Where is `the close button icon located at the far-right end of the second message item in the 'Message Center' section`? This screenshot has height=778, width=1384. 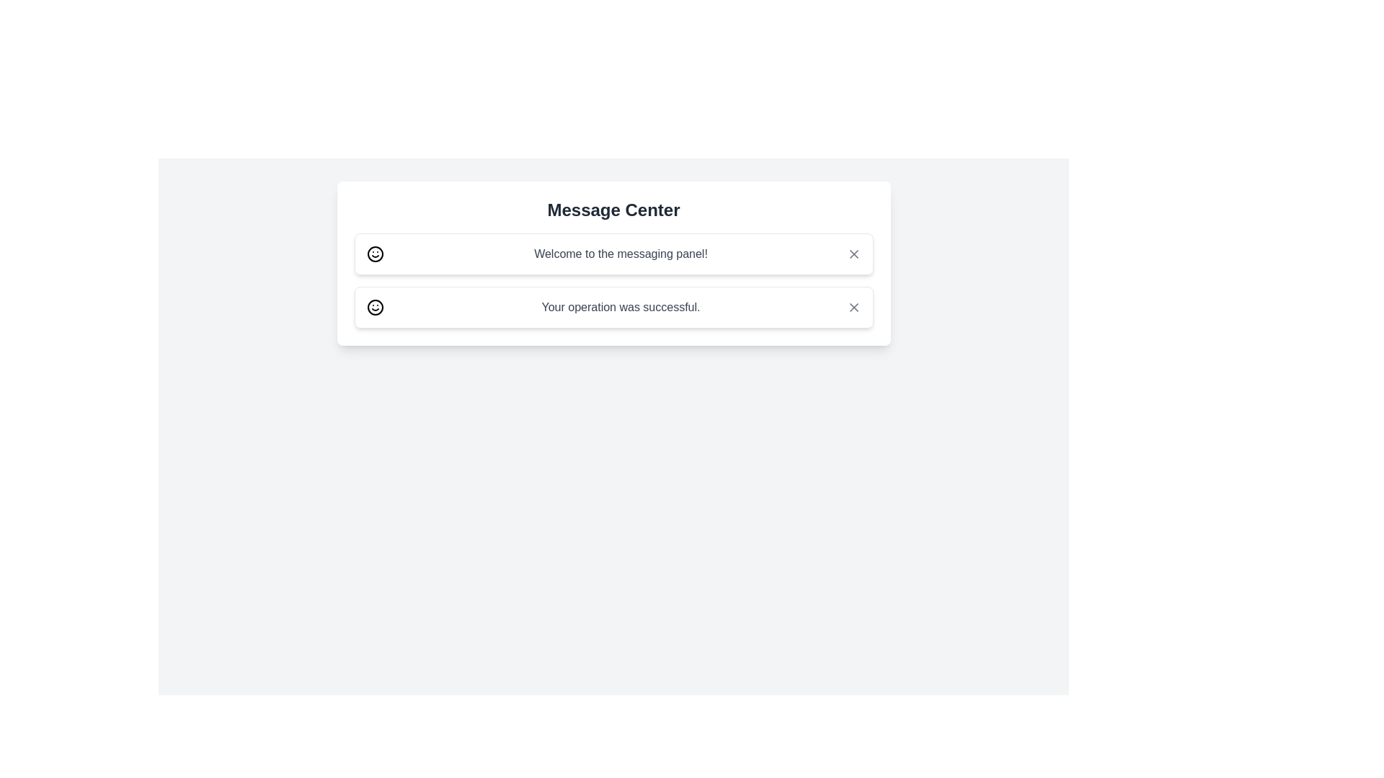
the close button icon located at the far-right end of the second message item in the 'Message Center' section is located at coordinates (853, 307).